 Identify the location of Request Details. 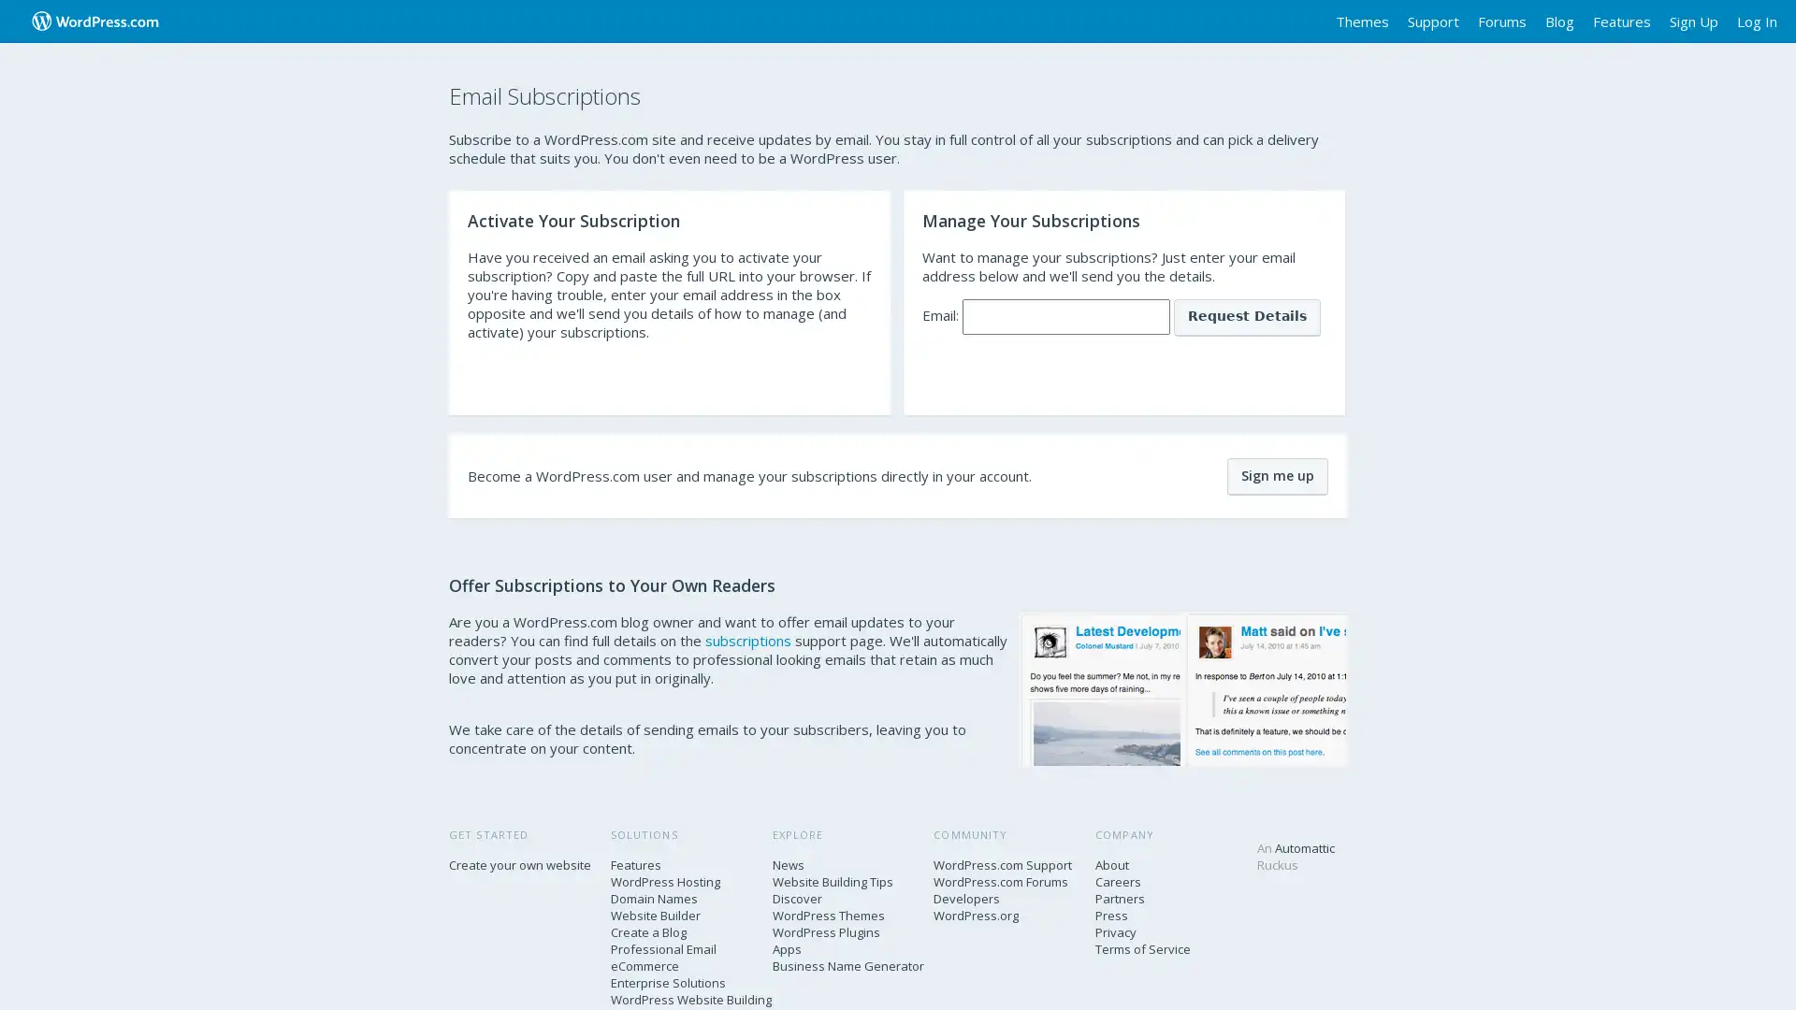
(1247, 316).